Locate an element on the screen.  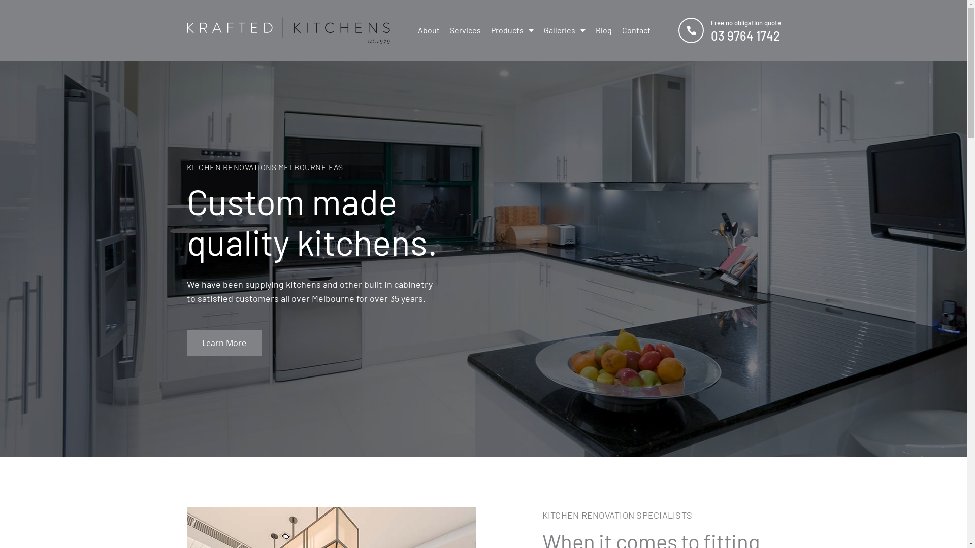
'03 9764 1742' is located at coordinates (745, 35).